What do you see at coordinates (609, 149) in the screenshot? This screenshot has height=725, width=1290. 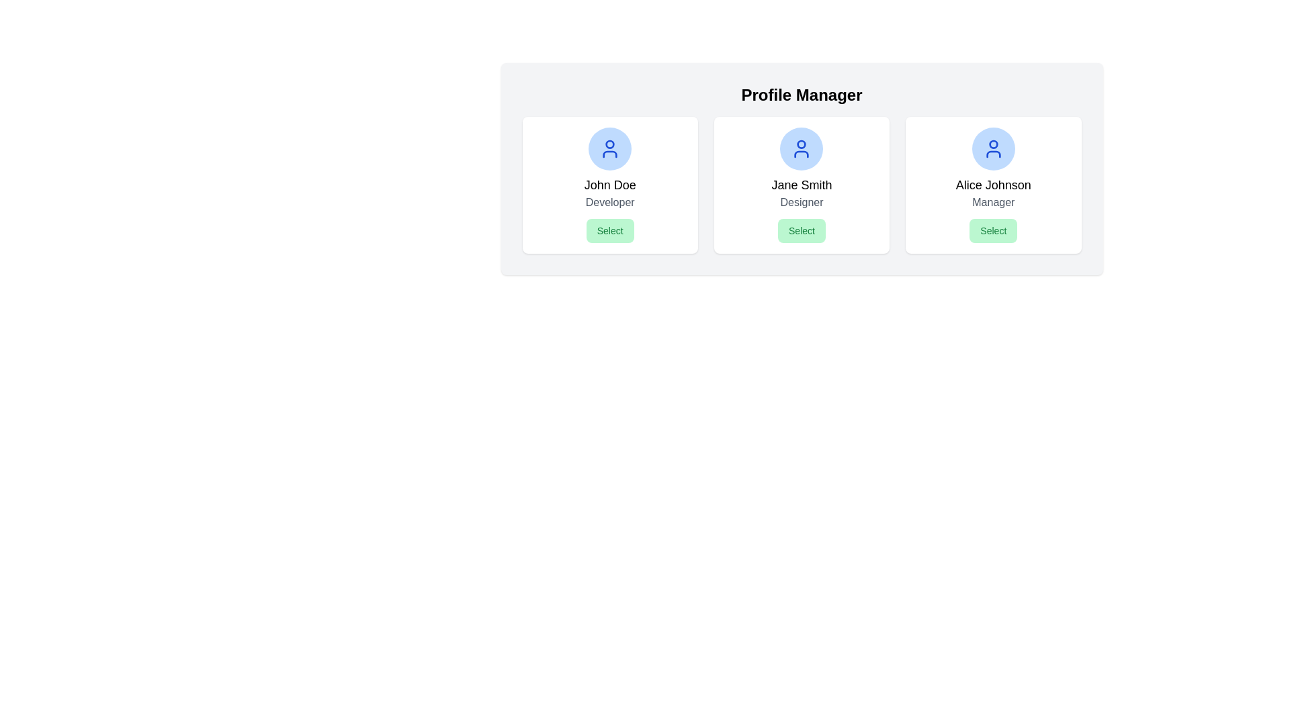 I see `the user profile icon for 'John Doe' located at the top center of the card to interact with it` at bounding box center [609, 149].